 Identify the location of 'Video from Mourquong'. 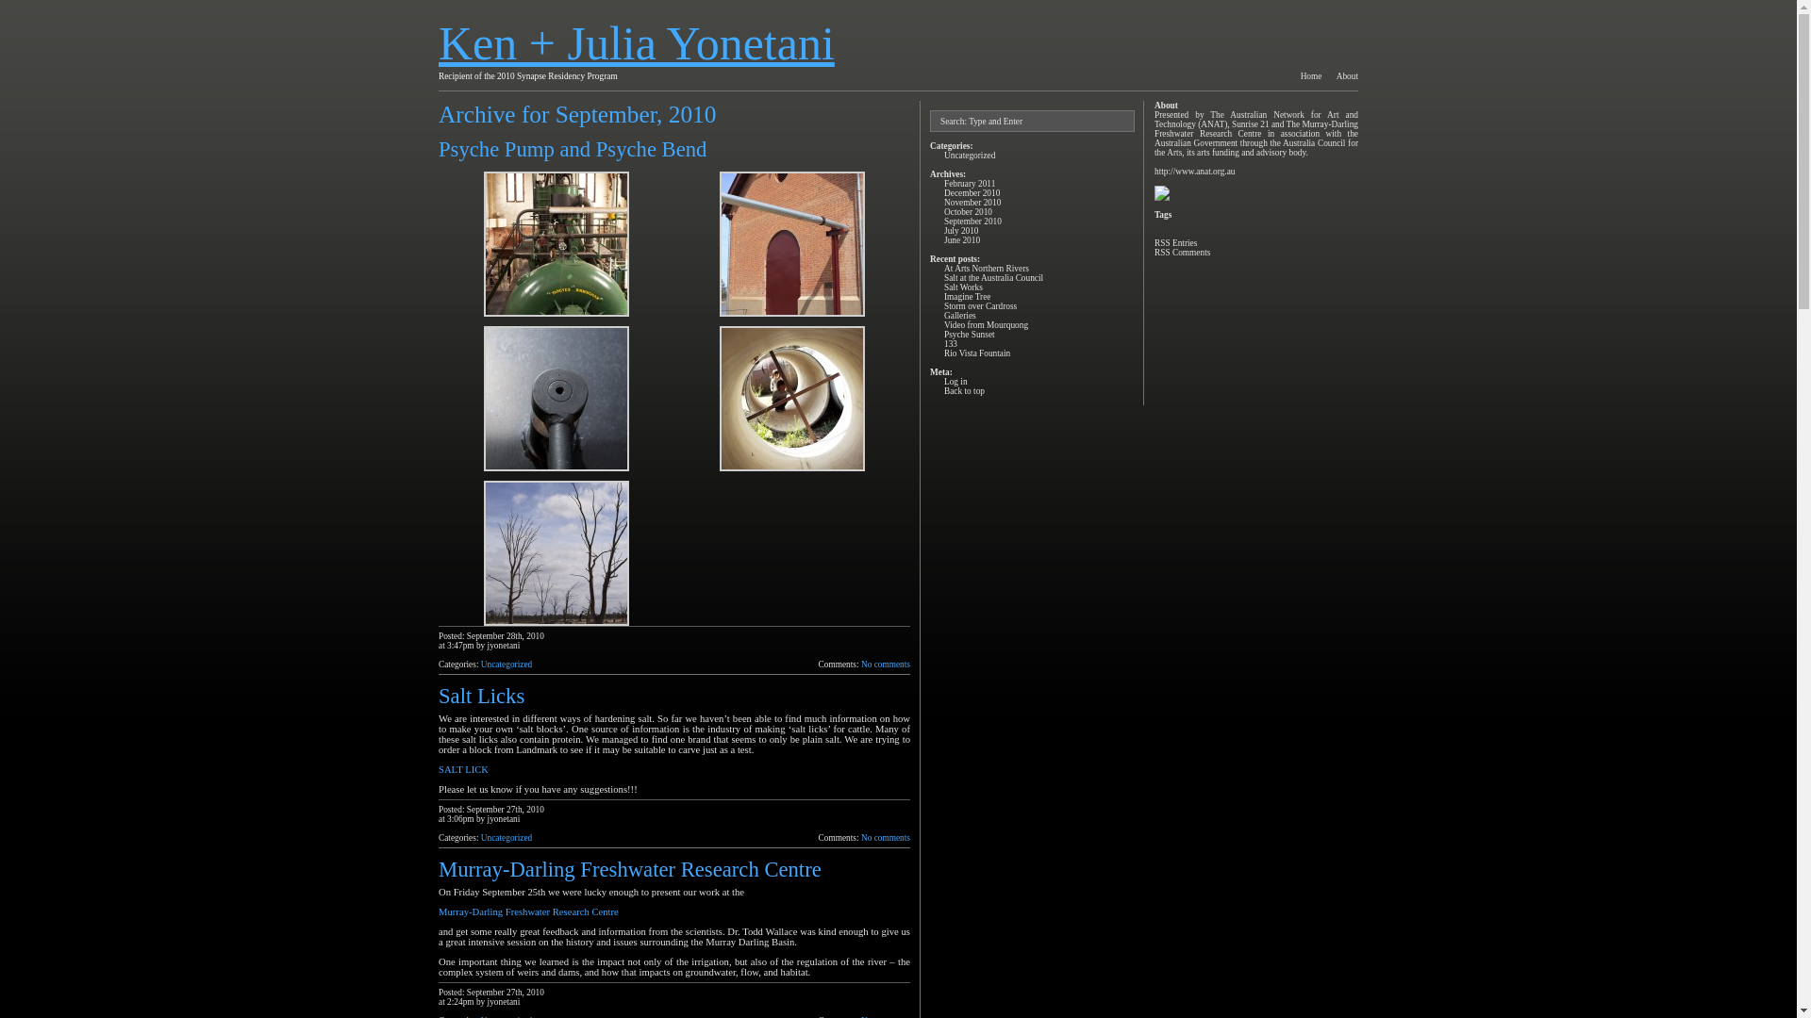
(985, 323).